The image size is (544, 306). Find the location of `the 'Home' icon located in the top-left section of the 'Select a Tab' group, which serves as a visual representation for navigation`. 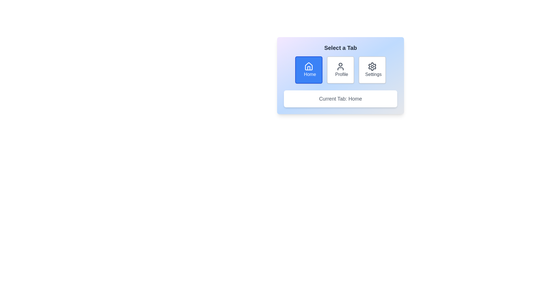

the 'Home' icon located in the top-left section of the 'Select a Tab' group, which serves as a visual representation for navigation is located at coordinates (308, 66).